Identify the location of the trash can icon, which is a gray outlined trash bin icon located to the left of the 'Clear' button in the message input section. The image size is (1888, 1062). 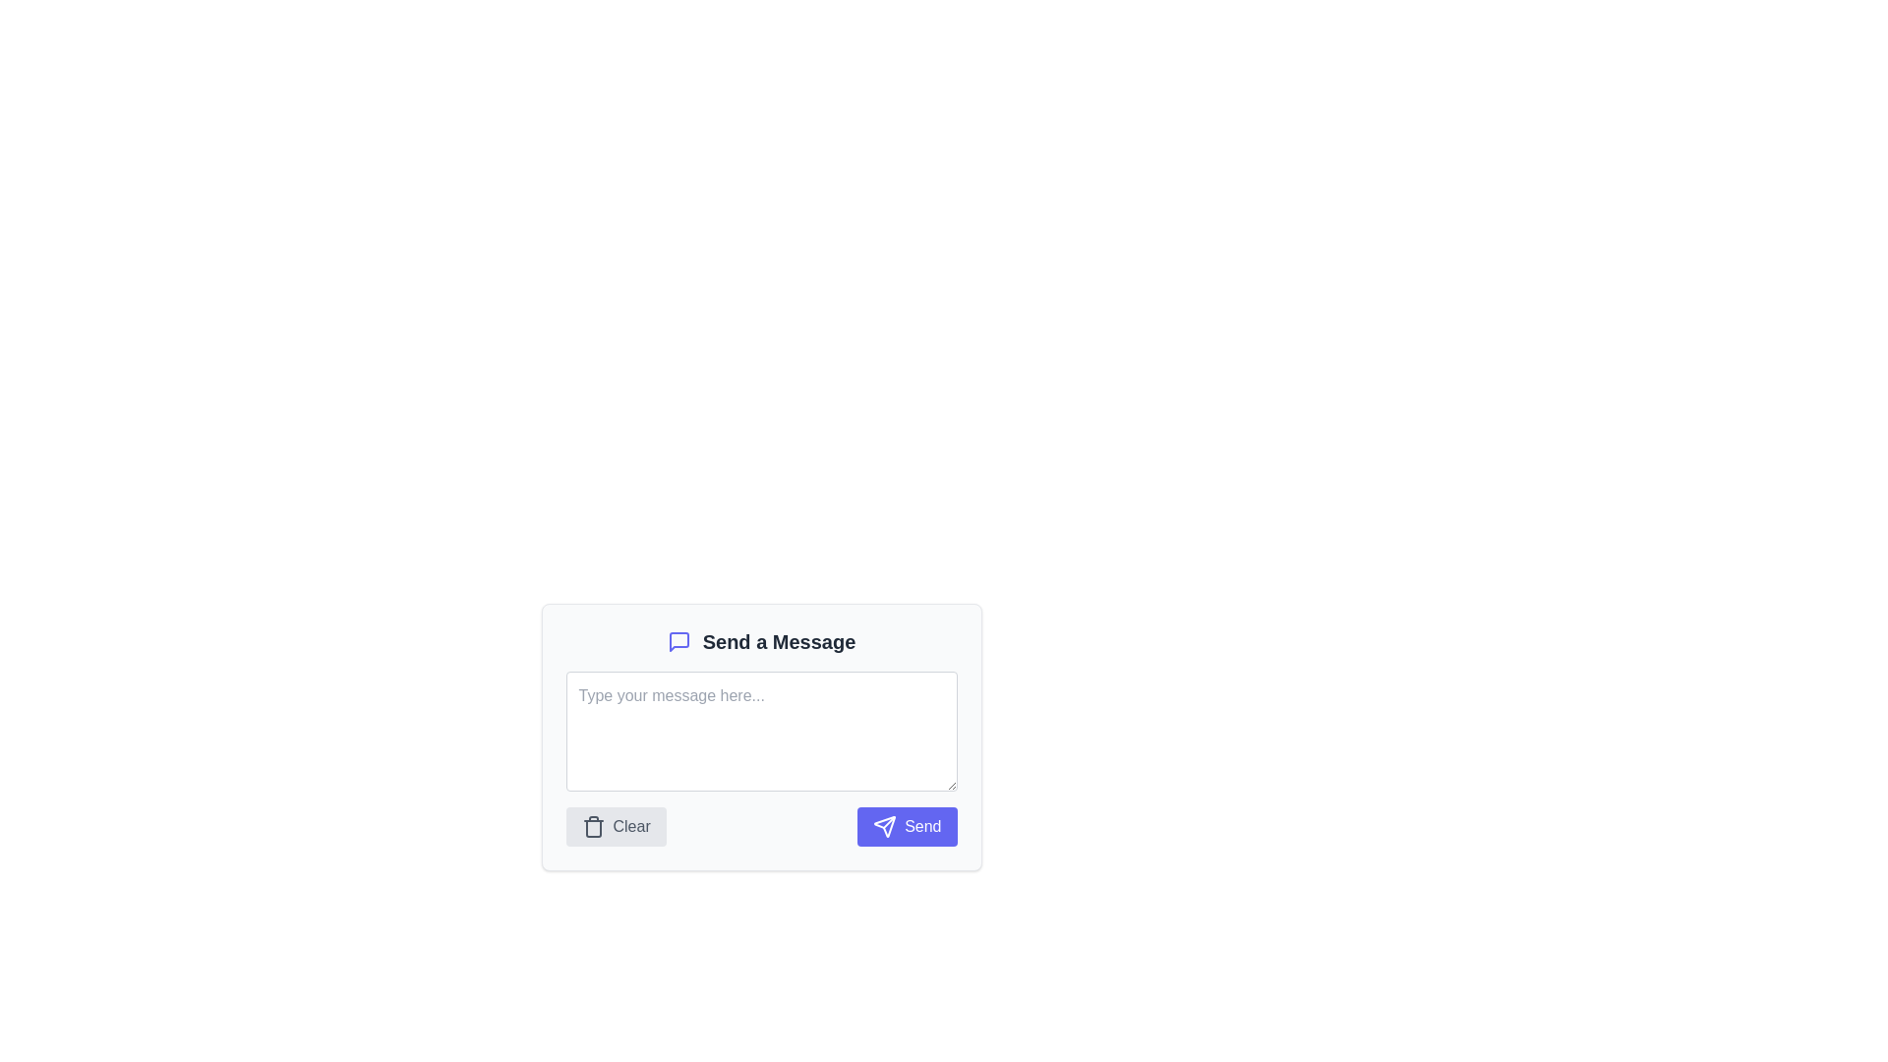
(592, 826).